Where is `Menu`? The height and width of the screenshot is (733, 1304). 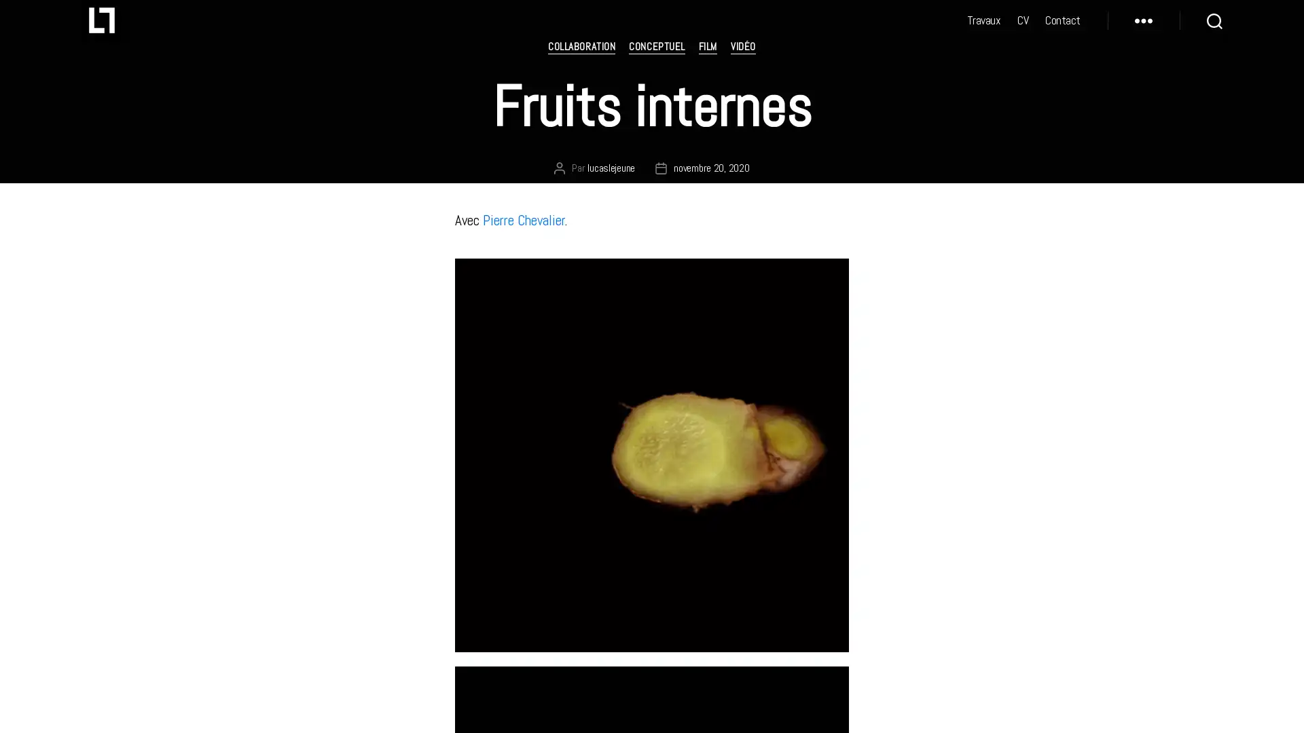 Menu is located at coordinates (1143, 31).